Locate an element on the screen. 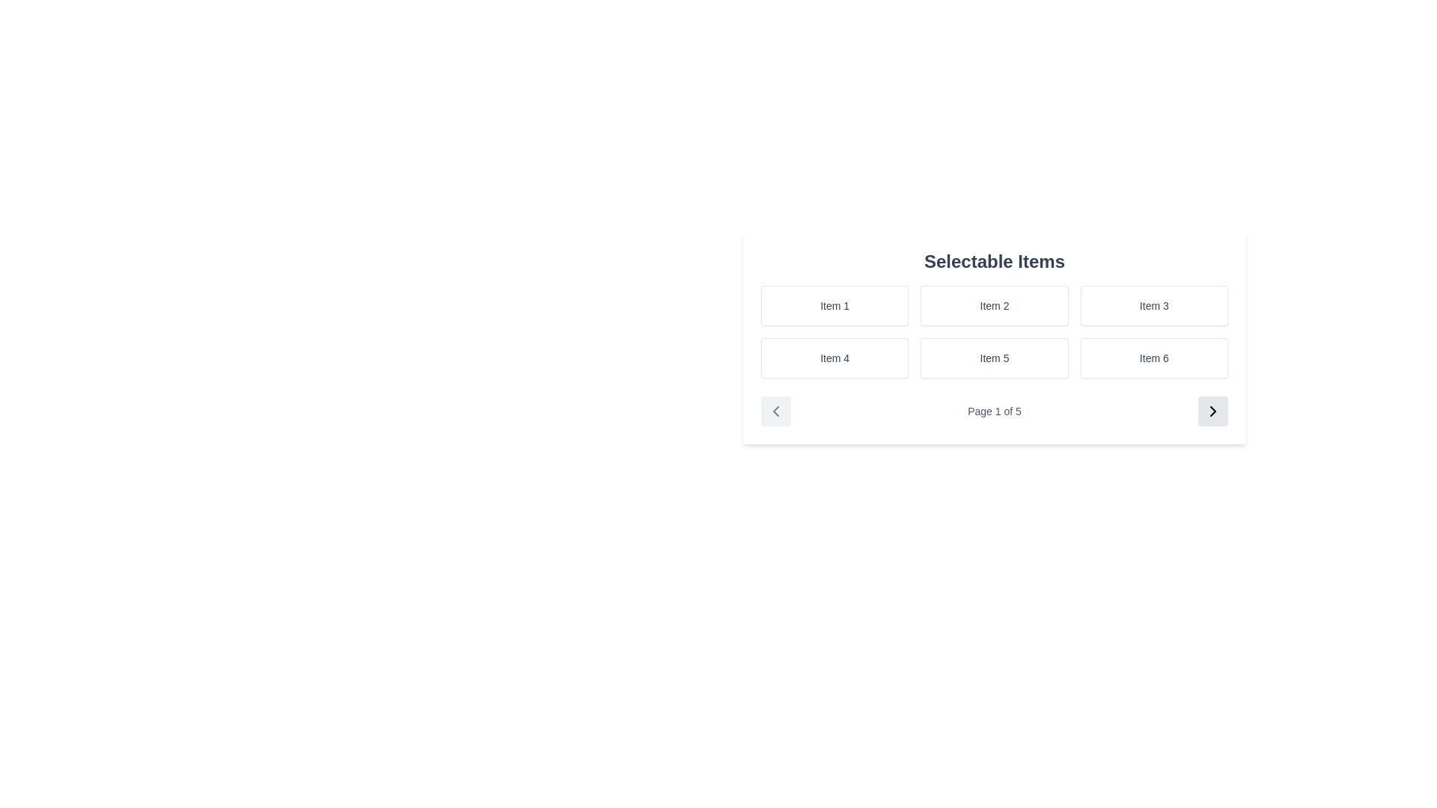  the selectable item button located in the second row, first column of the grid under the title 'Selectable Items' is located at coordinates (834, 358).